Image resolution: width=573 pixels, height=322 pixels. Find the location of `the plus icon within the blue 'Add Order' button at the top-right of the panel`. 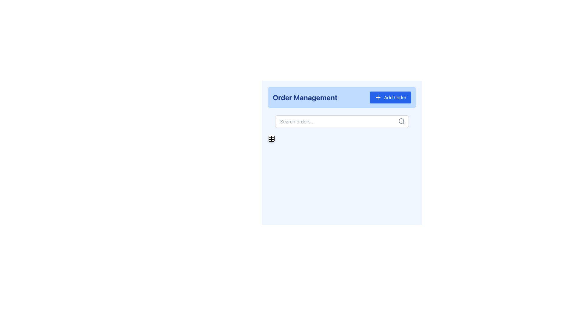

the plus icon within the blue 'Add Order' button at the top-right of the panel is located at coordinates (378, 97).